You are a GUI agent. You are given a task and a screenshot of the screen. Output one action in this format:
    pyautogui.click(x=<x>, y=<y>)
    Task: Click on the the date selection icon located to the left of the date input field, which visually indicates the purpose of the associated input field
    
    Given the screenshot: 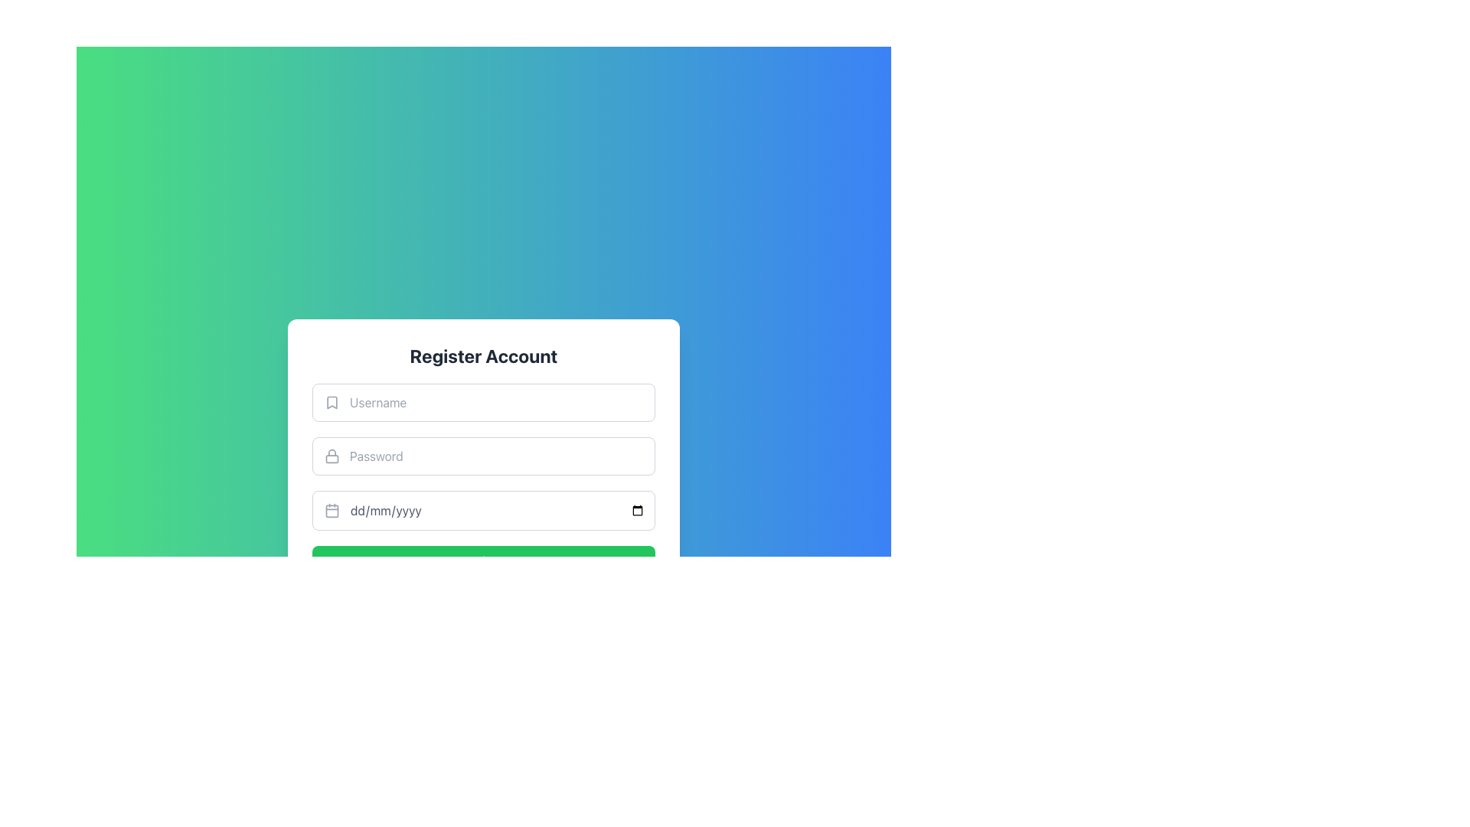 What is the action you would take?
    pyautogui.click(x=331, y=511)
    